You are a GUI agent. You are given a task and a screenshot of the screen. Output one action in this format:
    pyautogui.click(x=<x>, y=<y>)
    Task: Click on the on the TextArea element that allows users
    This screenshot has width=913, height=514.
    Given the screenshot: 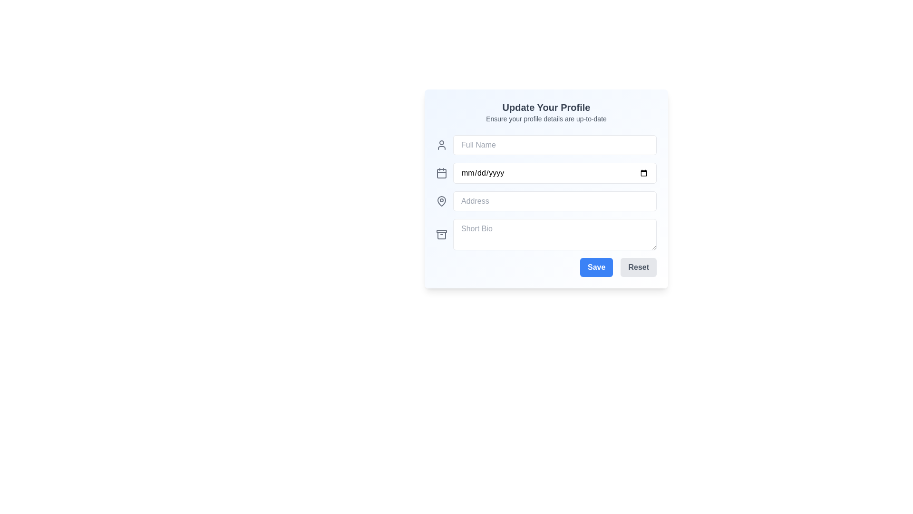 What is the action you would take?
    pyautogui.click(x=546, y=235)
    